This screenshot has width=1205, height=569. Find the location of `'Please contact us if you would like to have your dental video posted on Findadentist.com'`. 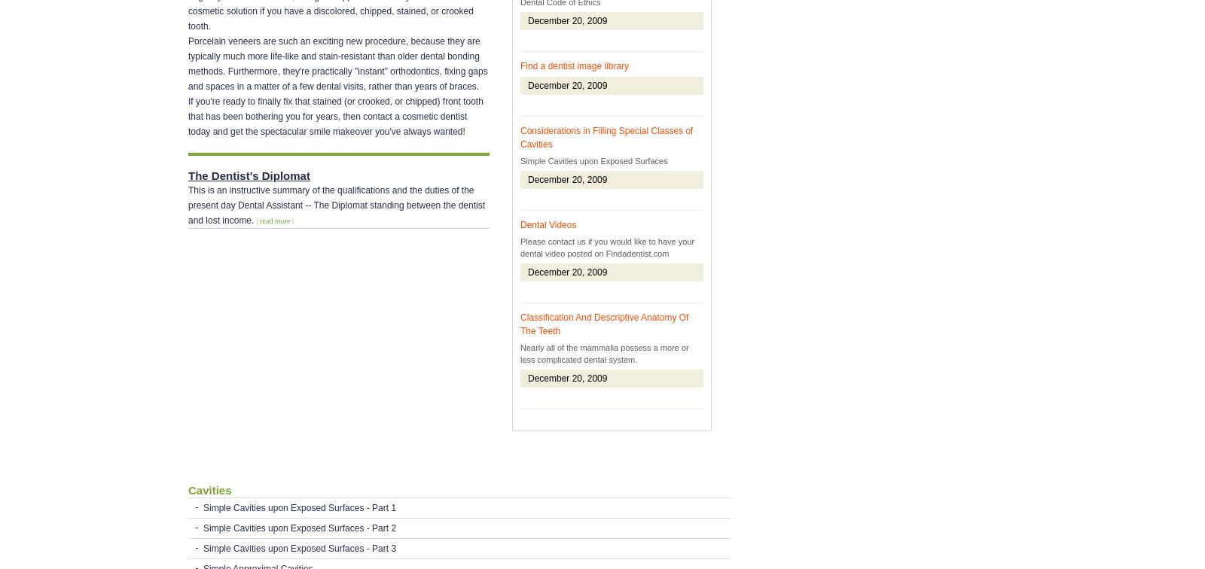

'Please contact us if you would like to have your dental video posted on Findadentist.com' is located at coordinates (606, 248).